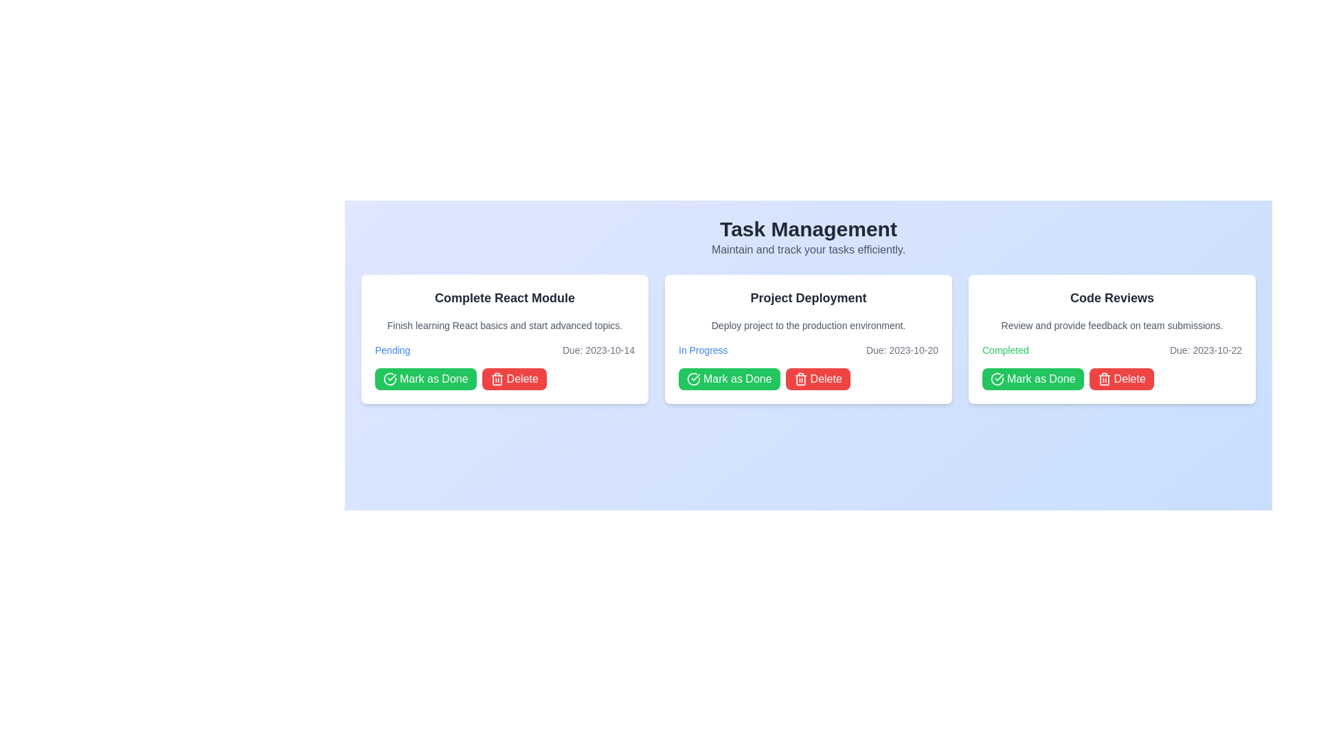  Describe the element at coordinates (1205, 349) in the screenshot. I see `the 'Due: 2023-10-22' text label displayed in a small gray font near the top-right corner of the 'Code Reviews' task card` at that location.